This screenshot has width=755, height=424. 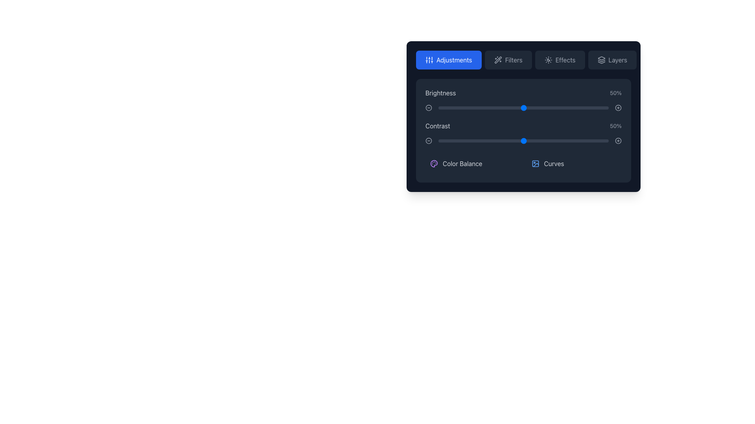 I want to click on the 'Color Balance' text label, which is styled in light gray and positioned to the right of a purple icon within a dark-themed box, so click(x=462, y=163).